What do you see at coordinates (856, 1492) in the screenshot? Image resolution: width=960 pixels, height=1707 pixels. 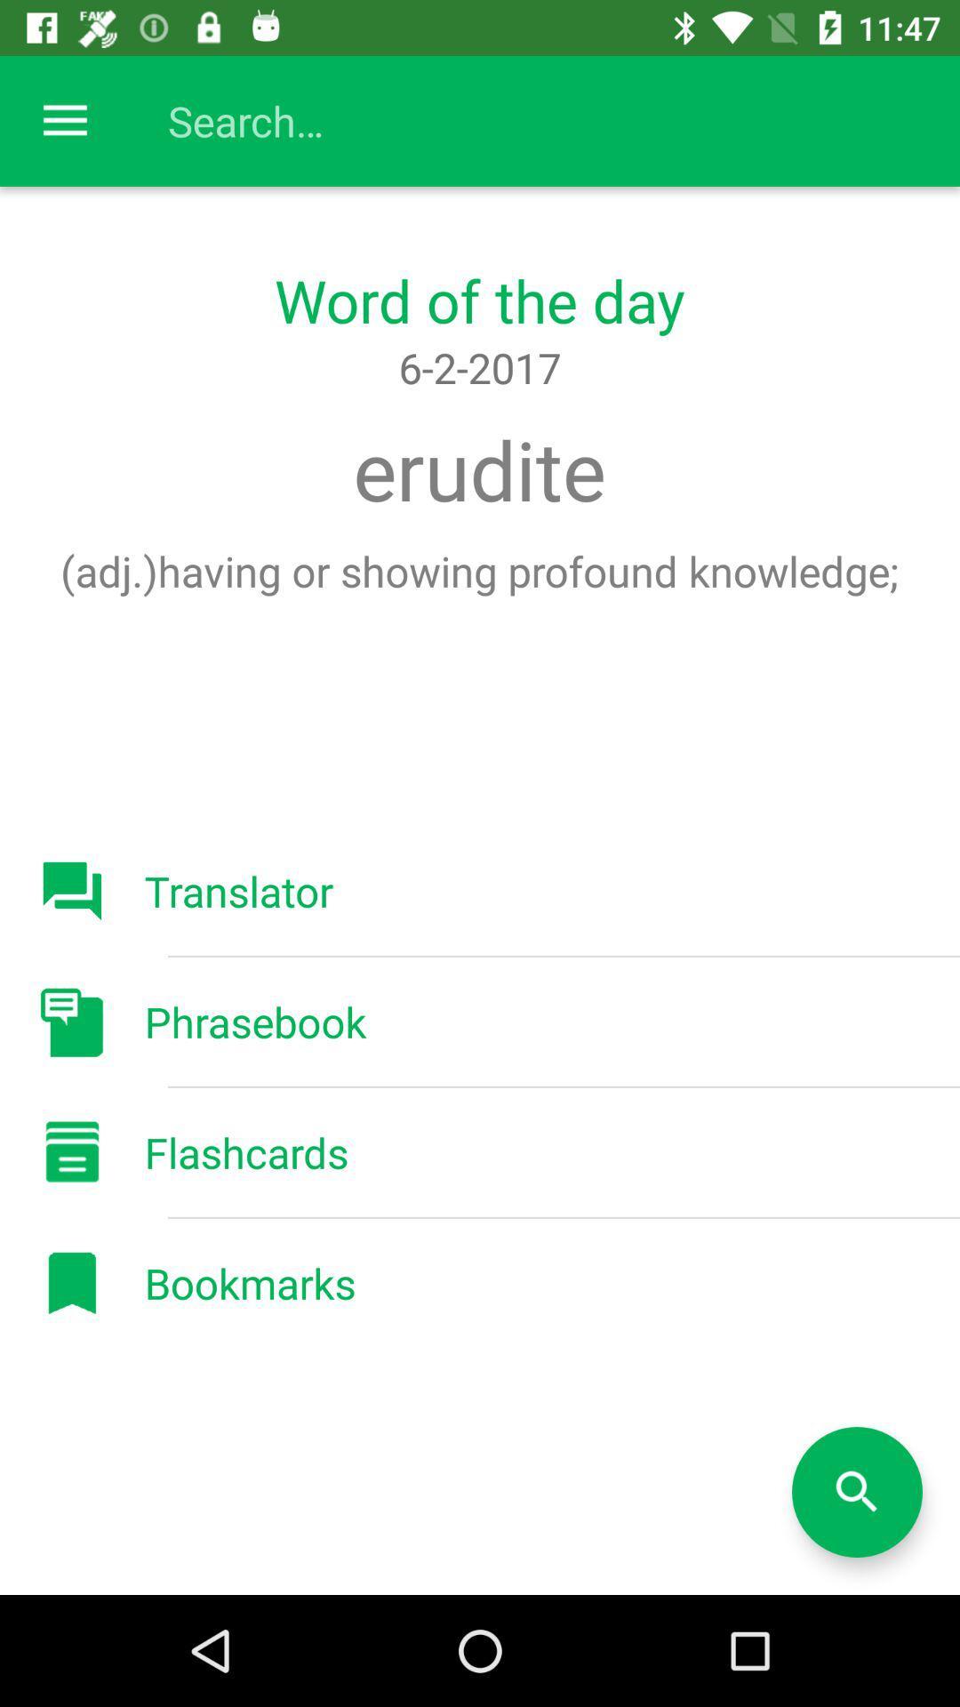 I see `the item at the bottom right corner` at bounding box center [856, 1492].